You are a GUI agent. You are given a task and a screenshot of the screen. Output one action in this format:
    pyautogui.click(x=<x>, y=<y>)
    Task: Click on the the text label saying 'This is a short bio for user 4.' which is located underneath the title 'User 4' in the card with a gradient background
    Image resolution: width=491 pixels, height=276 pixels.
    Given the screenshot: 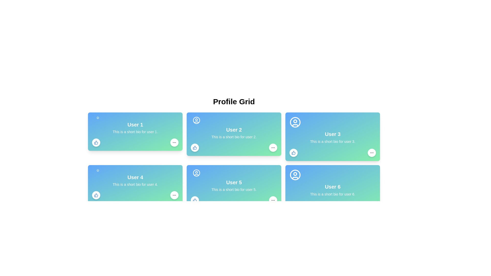 What is the action you would take?
    pyautogui.click(x=135, y=184)
    